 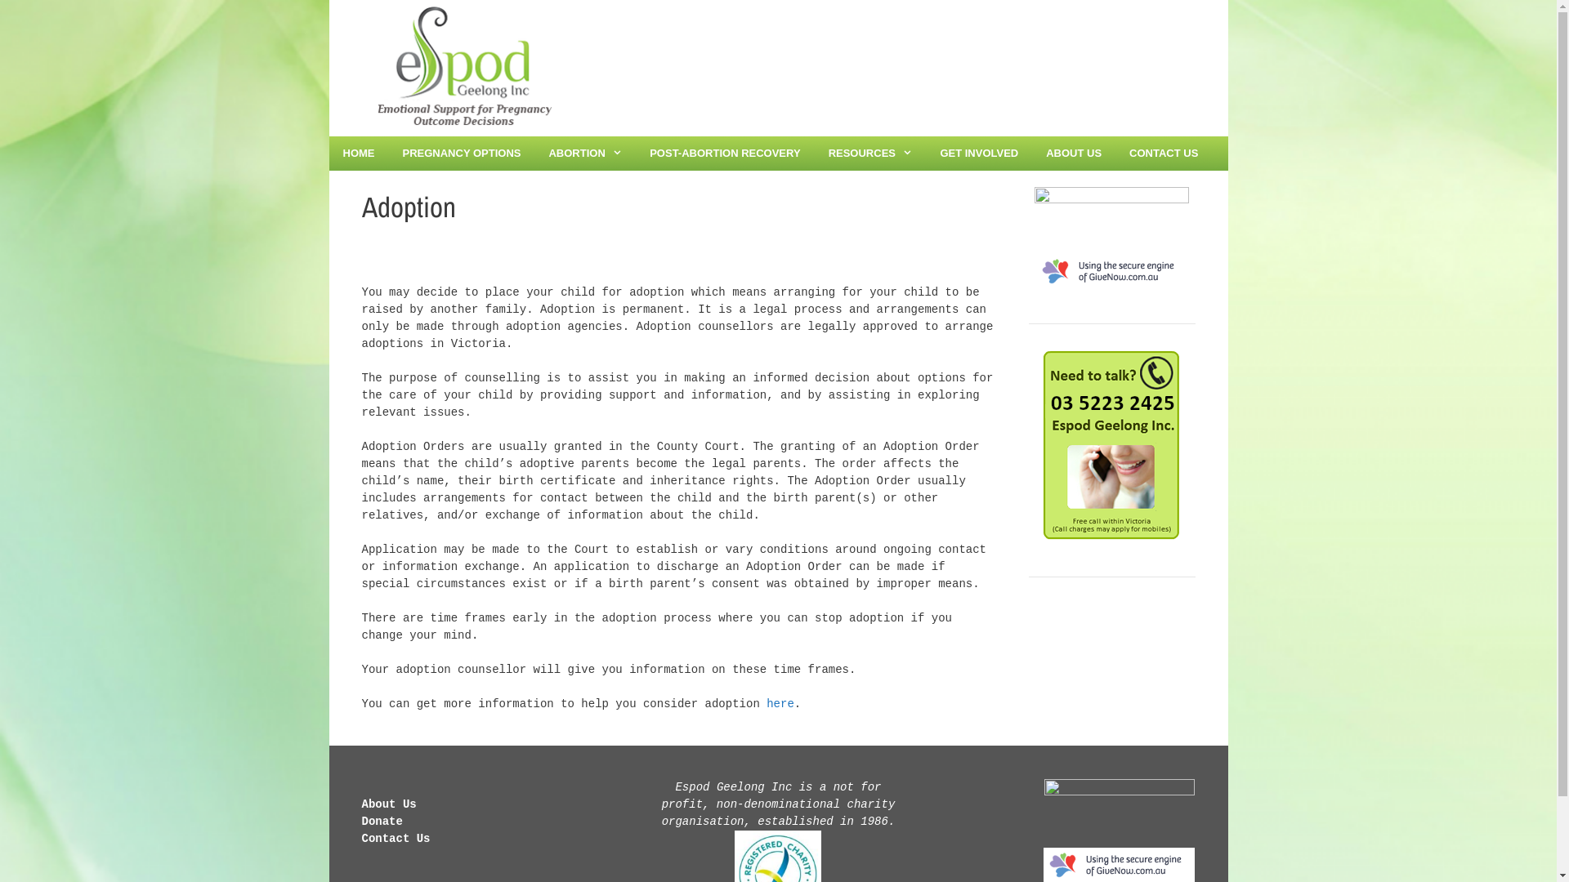 I want to click on 'ABORTION', so click(x=584, y=154).